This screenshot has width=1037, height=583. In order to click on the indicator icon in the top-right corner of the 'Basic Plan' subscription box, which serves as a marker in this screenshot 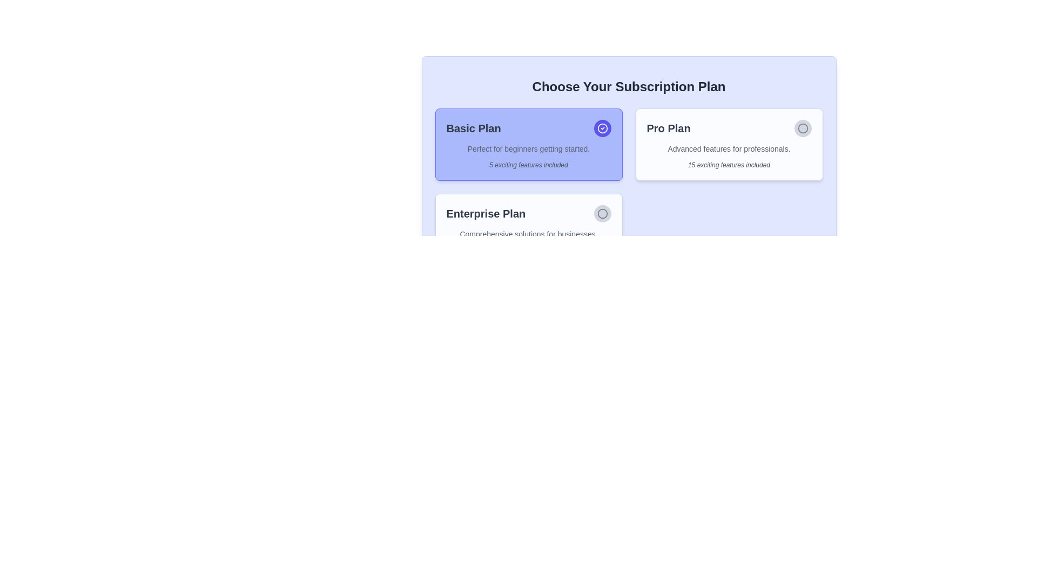, I will do `click(602, 128)`.